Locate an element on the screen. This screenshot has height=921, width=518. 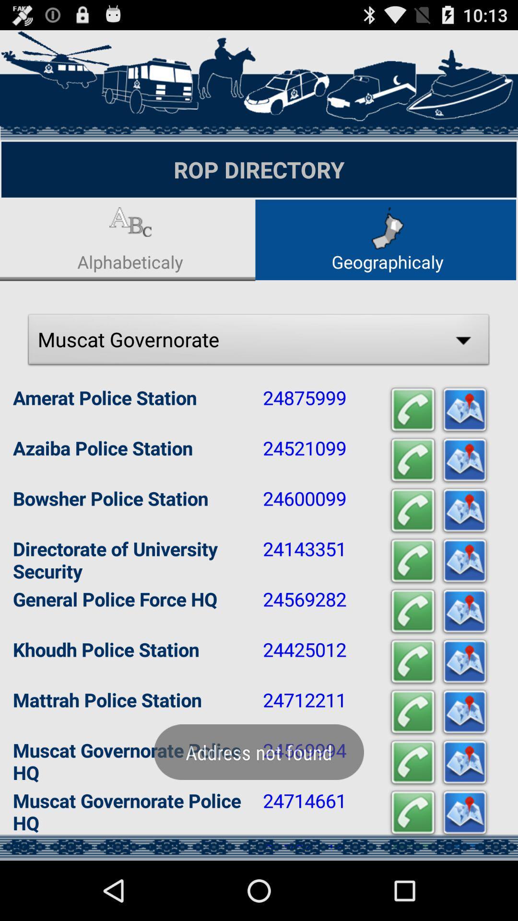
the call icon is located at coordinates (412, 600).